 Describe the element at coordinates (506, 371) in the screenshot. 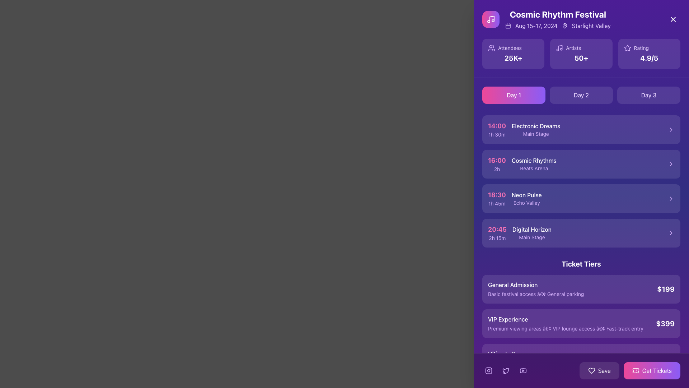

I see `the bird icon button with a purple outline, which is the second item in a row of three social media icons` at that location.